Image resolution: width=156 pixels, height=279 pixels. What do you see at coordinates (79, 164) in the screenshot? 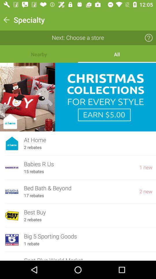
I see `babies r us icon` at bounding box center [79, 164].